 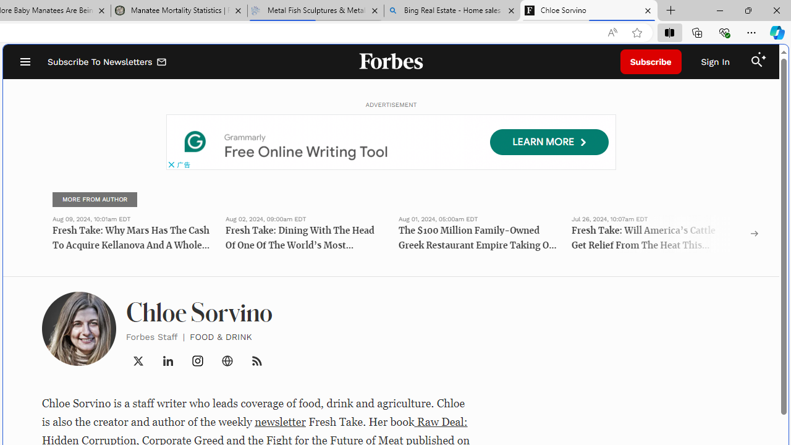 I want to click on 'Open Navigation Menu', so click(x=25, y=62).